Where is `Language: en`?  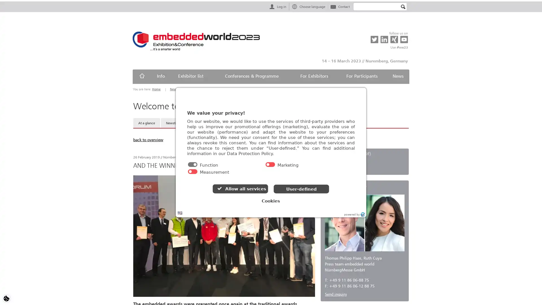
Language: en is located at coordinates (191, 215).